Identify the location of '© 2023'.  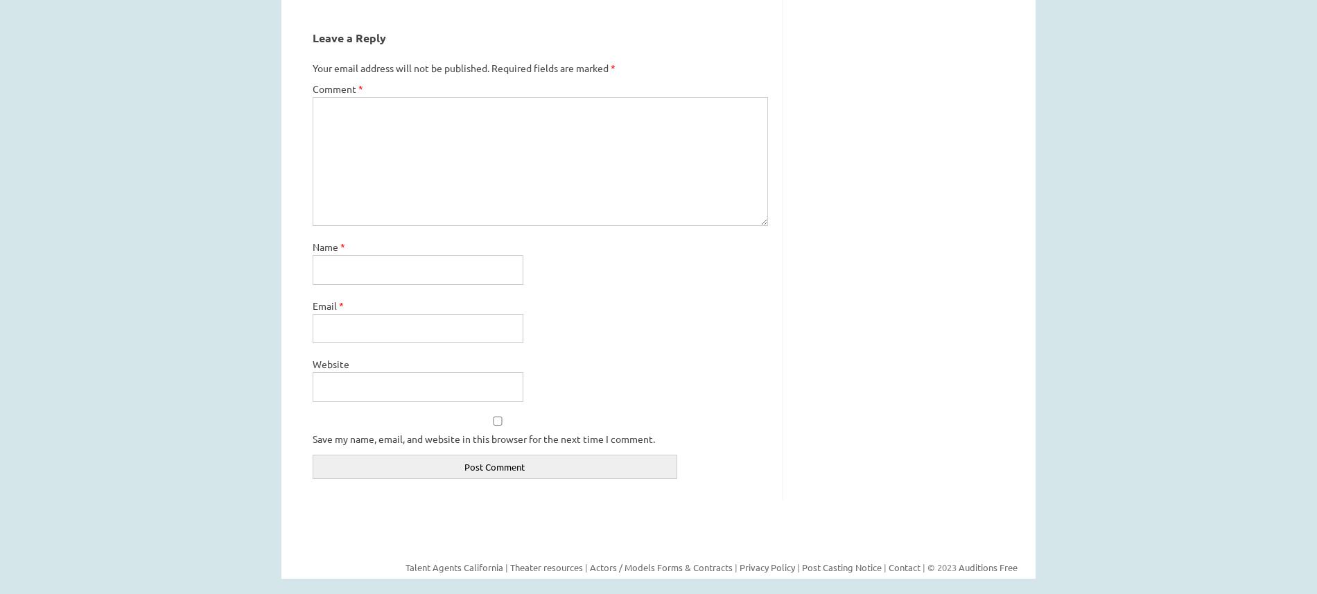
(926, 566).